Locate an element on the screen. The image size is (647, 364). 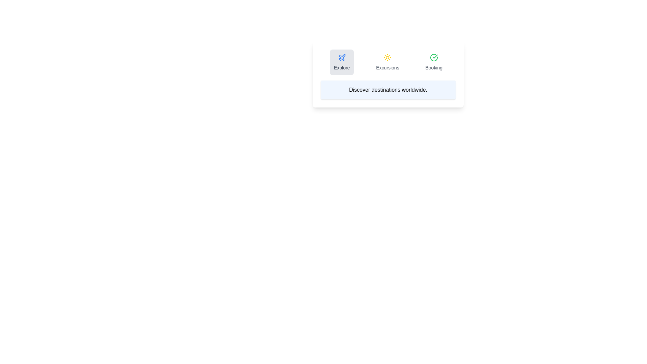
the tab icon corresponding to Excursions is located at coordinates (388, 62).